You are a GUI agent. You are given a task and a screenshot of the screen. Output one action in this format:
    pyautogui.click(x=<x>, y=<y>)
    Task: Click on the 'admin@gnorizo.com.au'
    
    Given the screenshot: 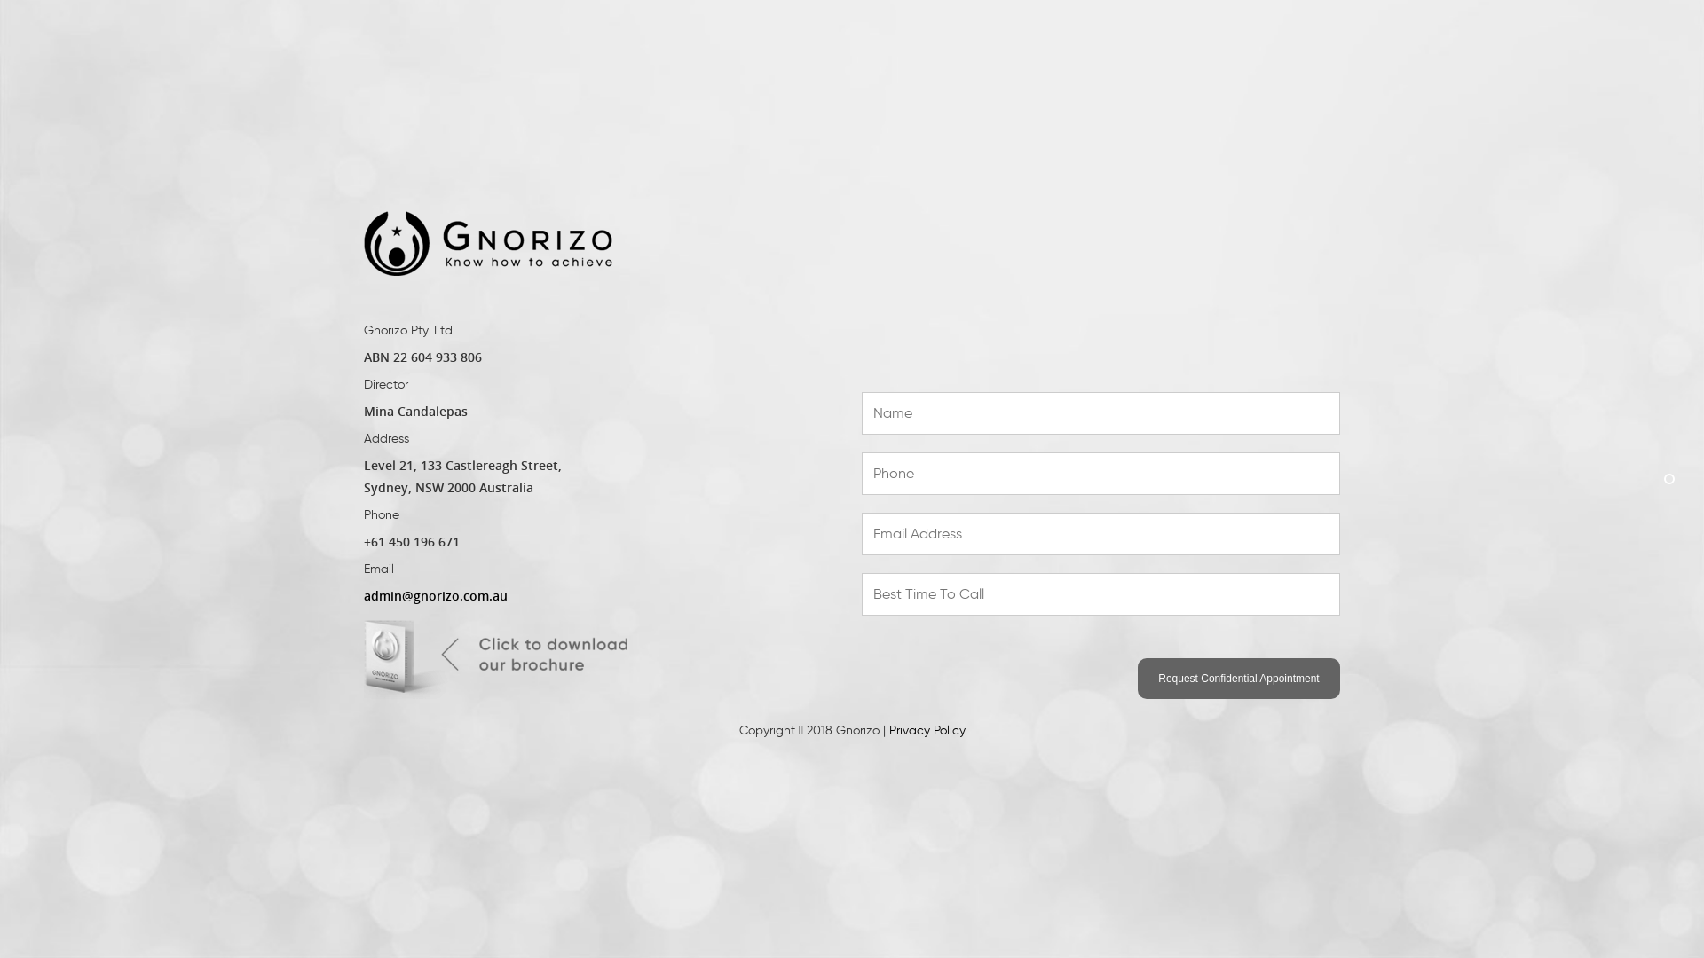 What is the action you would take?
    pyautogui.click(x=435, y=596)
    